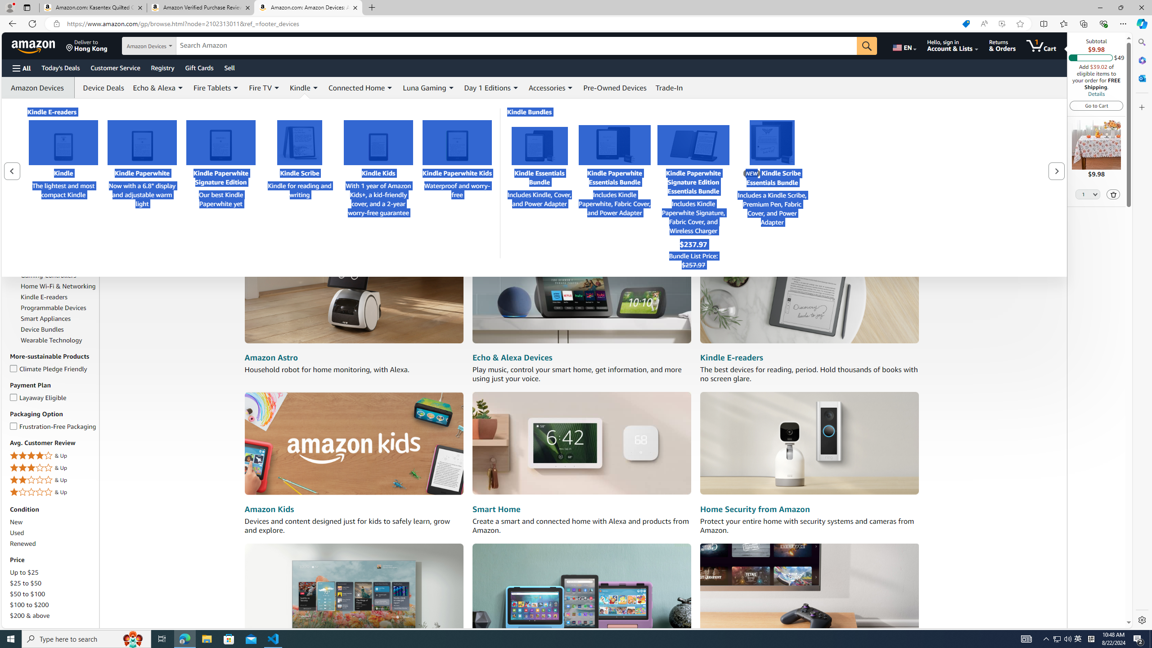 The width and height of the screenshot is (1152, 648). I want to click on 'Used', so click(17, 532).